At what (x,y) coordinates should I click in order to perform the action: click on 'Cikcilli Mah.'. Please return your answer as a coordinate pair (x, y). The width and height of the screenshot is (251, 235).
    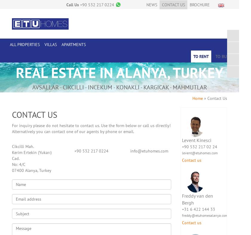
    Looking at the image, I should click on (23, 146).